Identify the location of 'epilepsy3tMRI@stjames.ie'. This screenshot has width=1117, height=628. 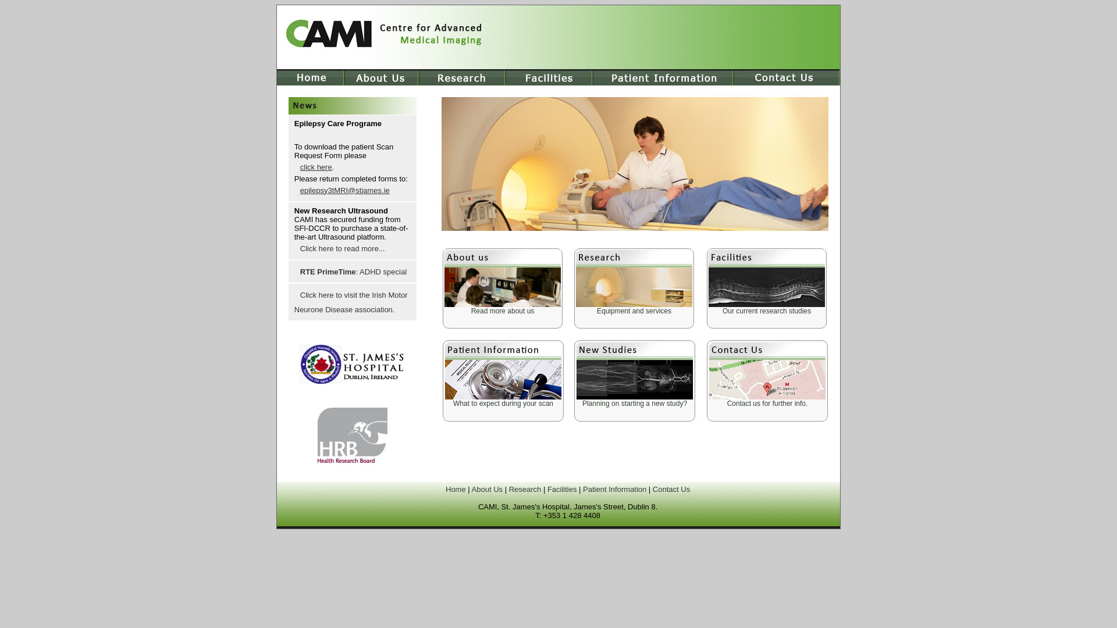
(352, 189).